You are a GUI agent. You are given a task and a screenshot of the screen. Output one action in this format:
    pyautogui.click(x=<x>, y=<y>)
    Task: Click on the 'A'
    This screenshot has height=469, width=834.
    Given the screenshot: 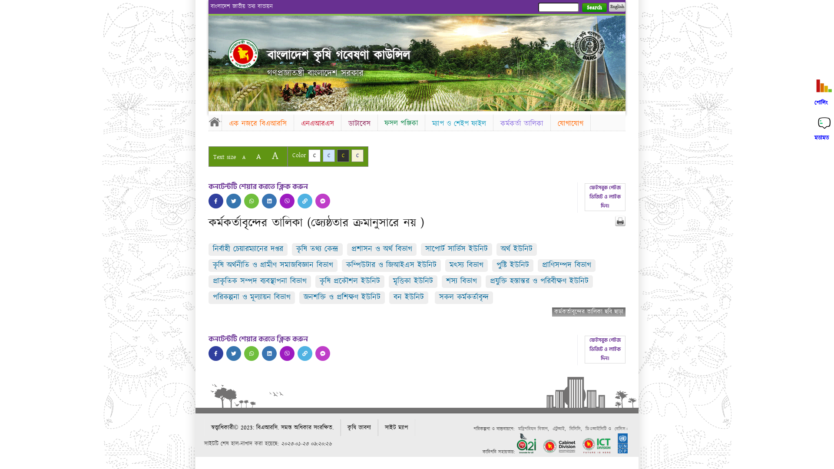 What is the action you would take?
    pyautogui.click(x=243, y=157)
    